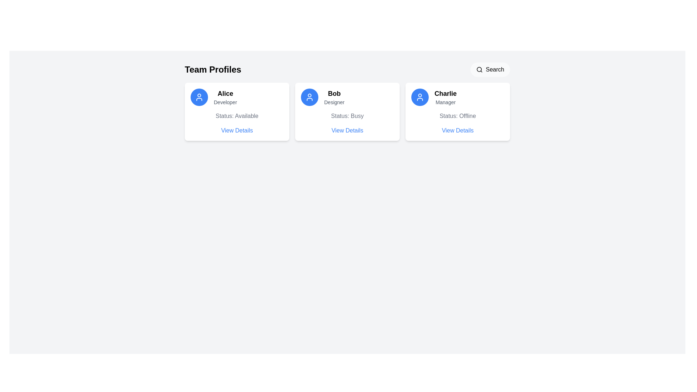  I want to click on the Text label indicating the current status of the user, which shows that they are busy. This label is located within Bob's profile card, positioned below 'Designer' and above 'View Details', so click(347, 116).